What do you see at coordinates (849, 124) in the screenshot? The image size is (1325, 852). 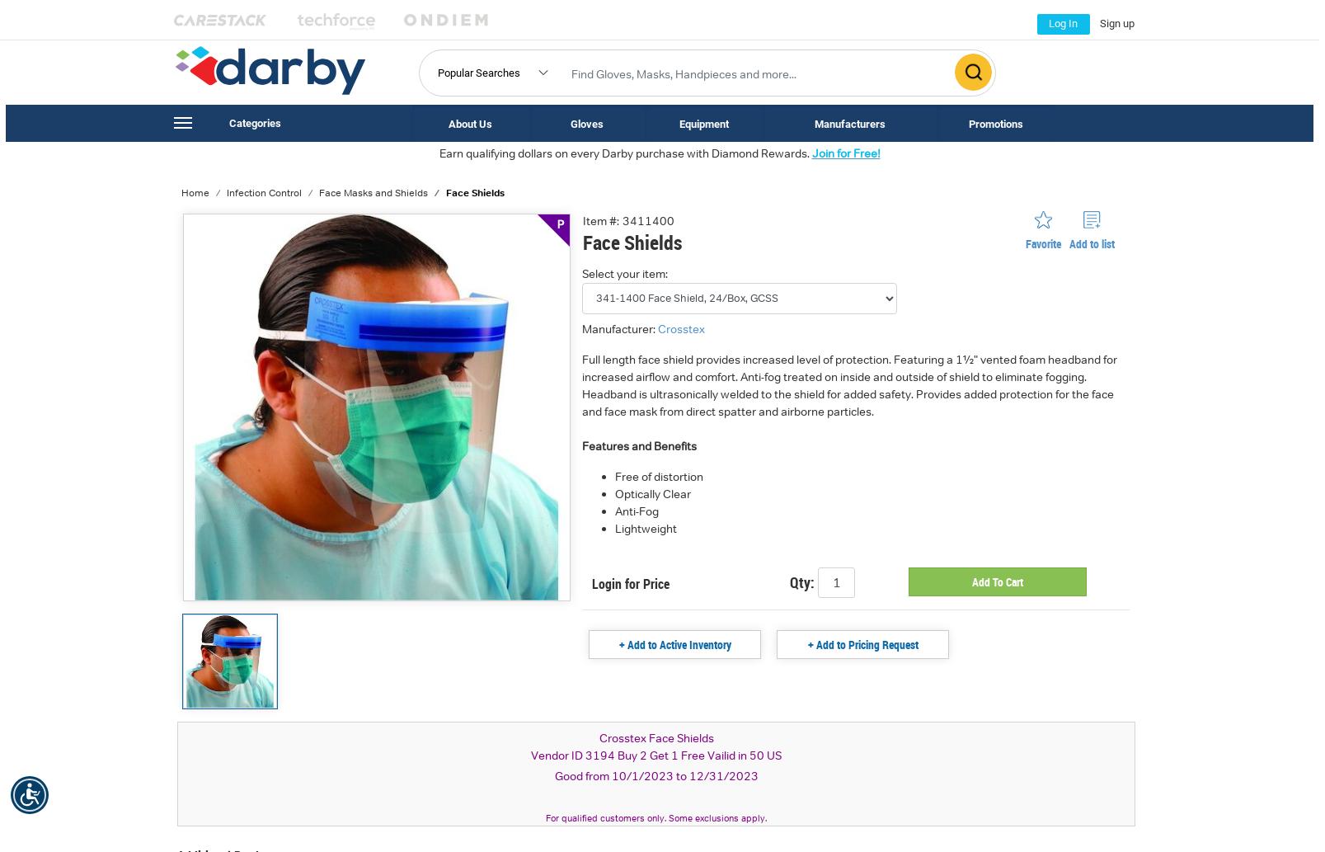 I see `'Manufacturers'` at bounding box center [849, 124].